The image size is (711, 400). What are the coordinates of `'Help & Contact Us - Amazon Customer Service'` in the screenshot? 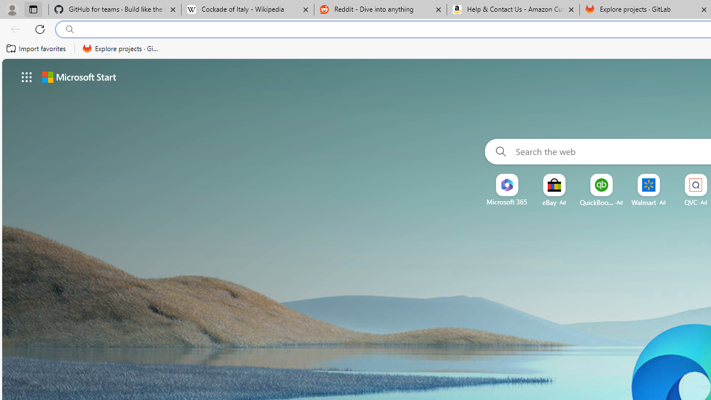 It's located at (513, 9).